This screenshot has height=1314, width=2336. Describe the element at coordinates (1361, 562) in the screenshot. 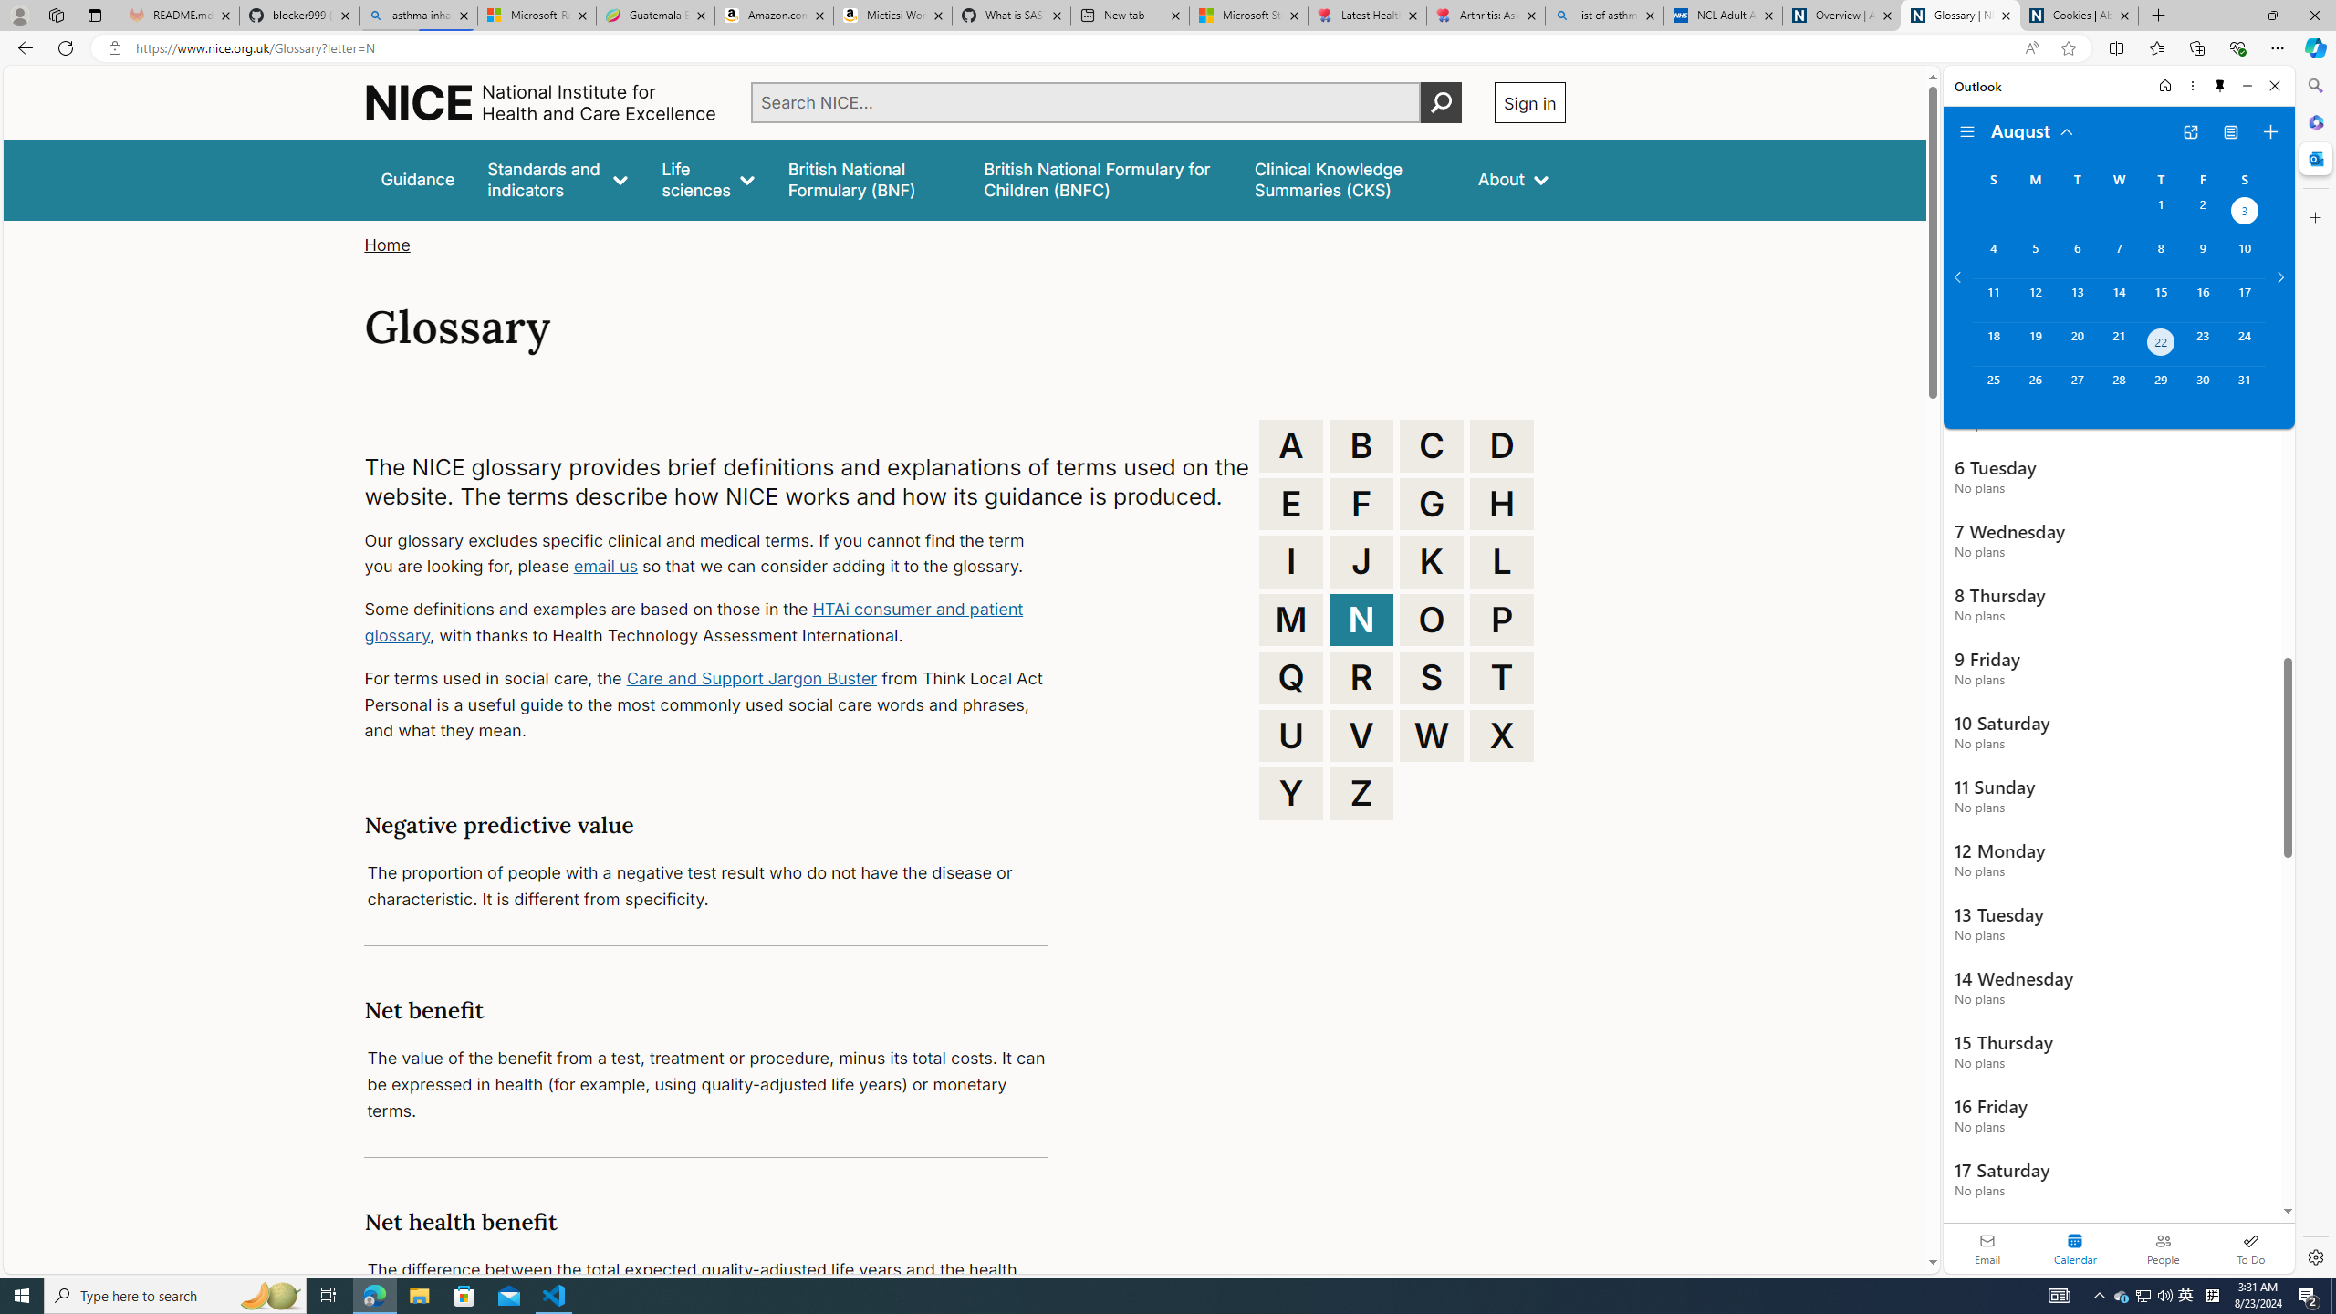

I see `'J'` at that location.